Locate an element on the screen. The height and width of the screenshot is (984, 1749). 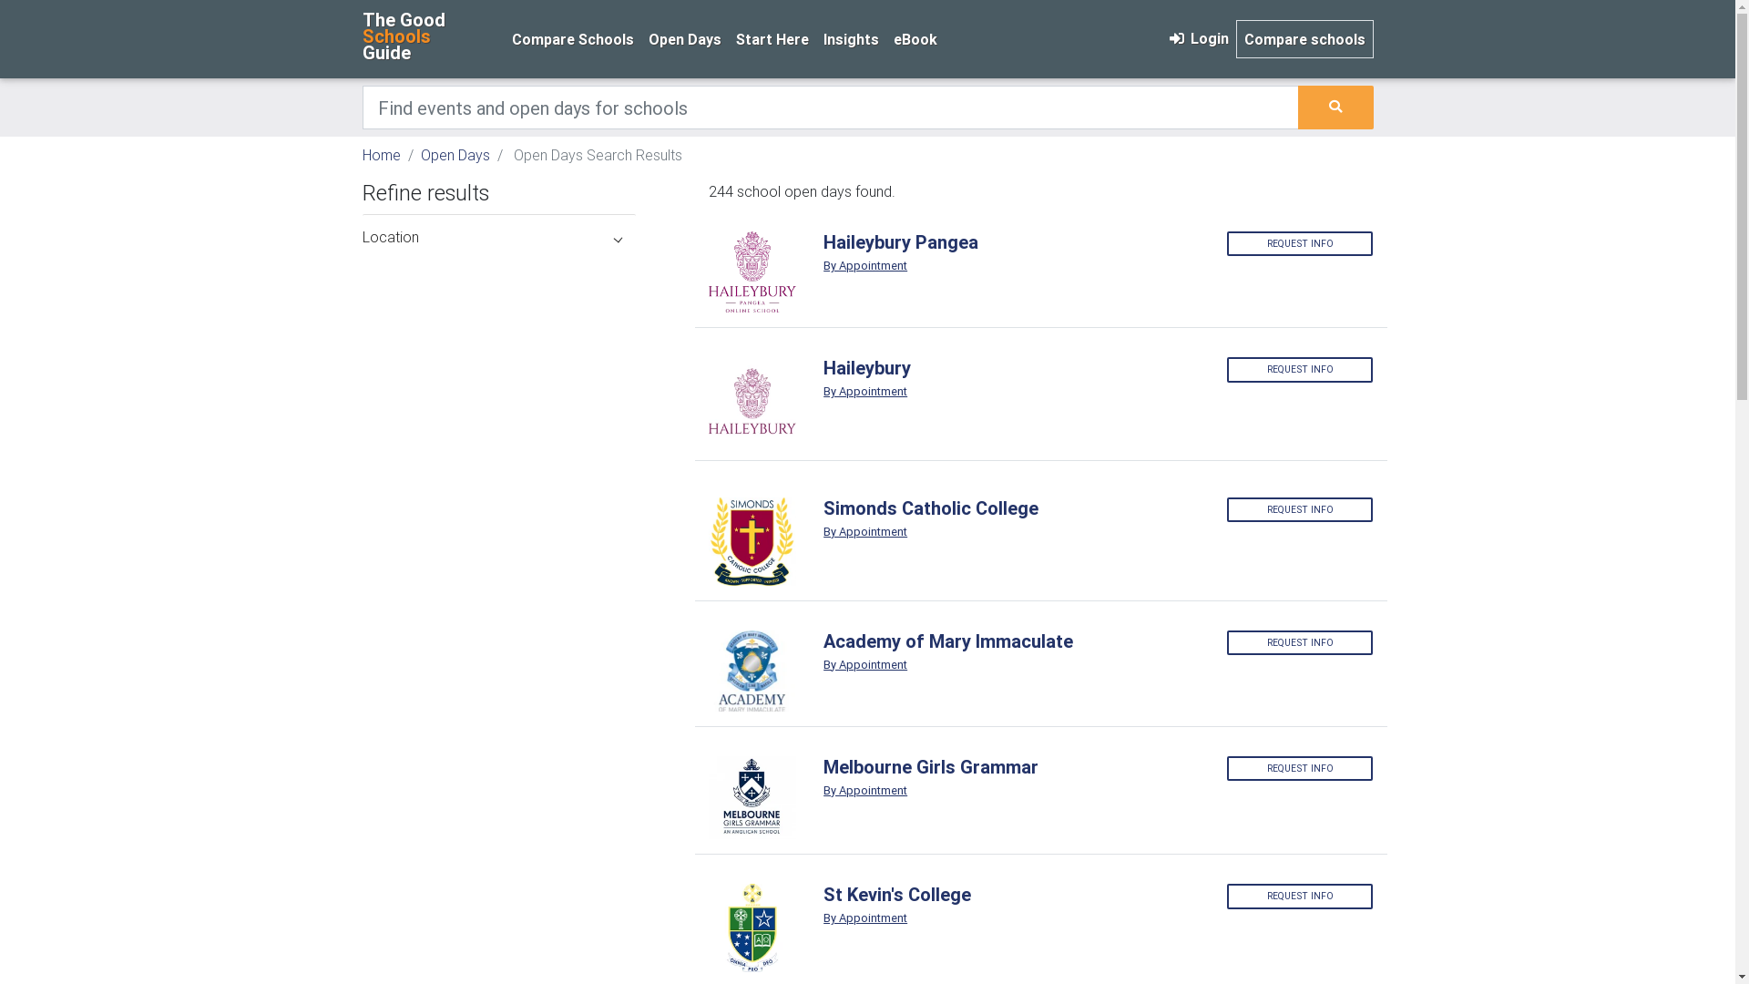
'REQUEST INFO' is located at coordinates (1298, 509).